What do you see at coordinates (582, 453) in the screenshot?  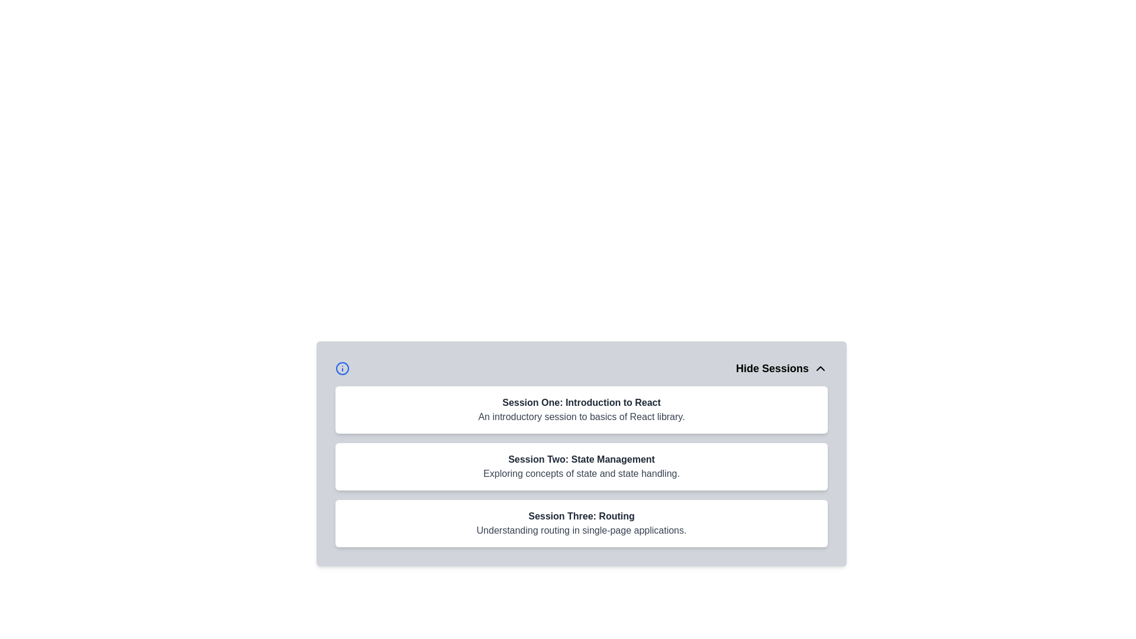 I see `session title and description for 'Session Two: State Management' located in the second card of the tutorial list` at bounding box center [582, 453].